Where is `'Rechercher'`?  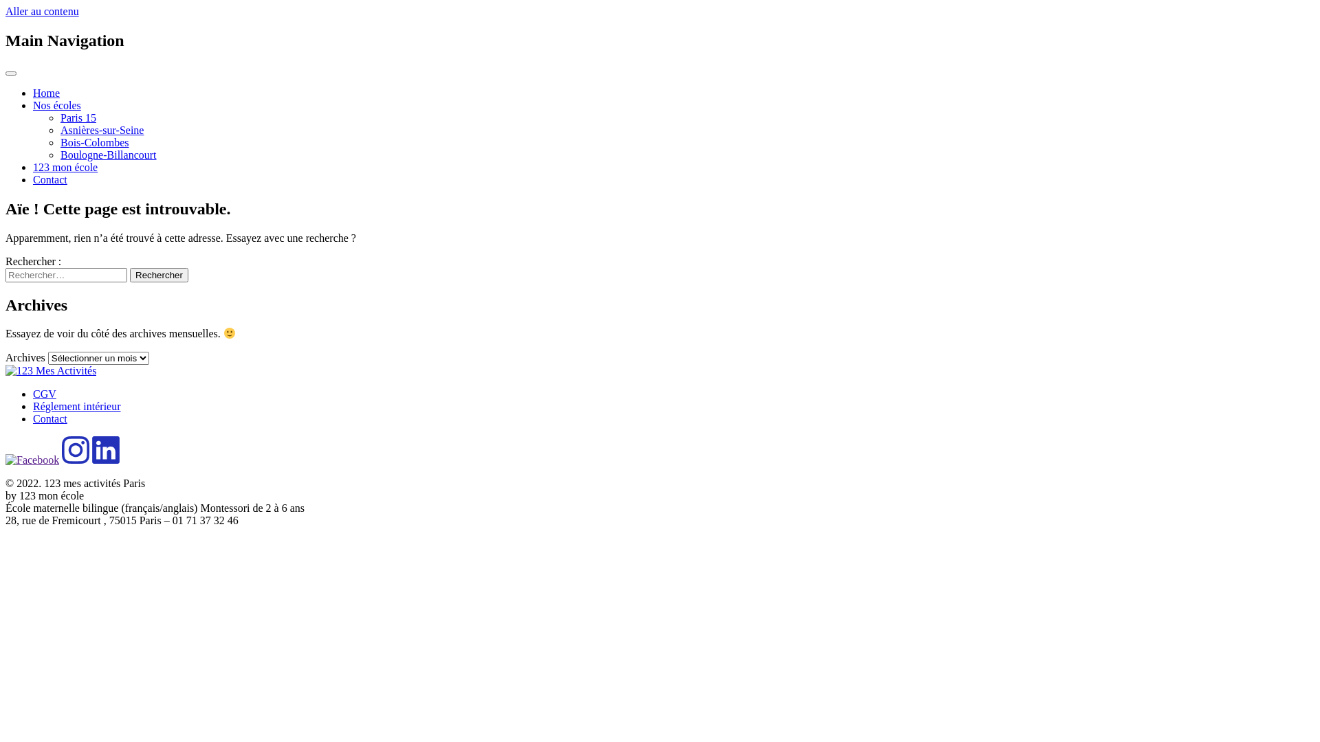
'Rechercher' is located at coordinates (159, 275).